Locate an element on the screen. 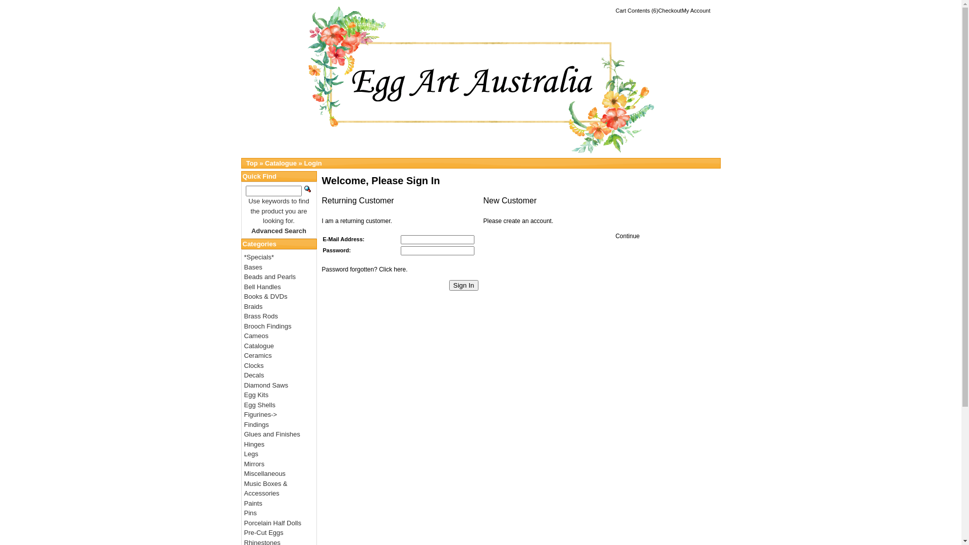 The image size is (969, 545). 'Cart Contents (6)' is located at coordinates (636, 10).